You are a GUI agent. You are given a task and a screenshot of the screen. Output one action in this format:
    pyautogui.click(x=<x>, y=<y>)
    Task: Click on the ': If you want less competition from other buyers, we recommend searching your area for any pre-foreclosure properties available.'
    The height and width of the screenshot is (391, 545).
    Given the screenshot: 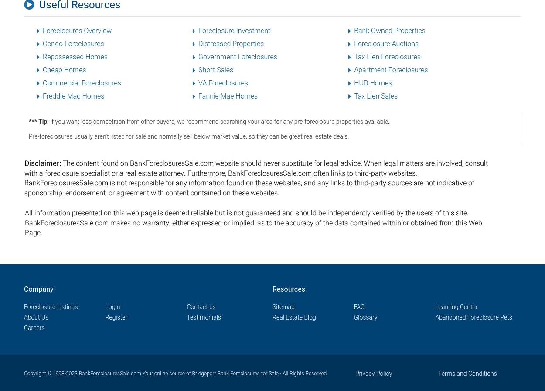 What is the action you would take?
    pyautogui.click(x=218, y=121)
    